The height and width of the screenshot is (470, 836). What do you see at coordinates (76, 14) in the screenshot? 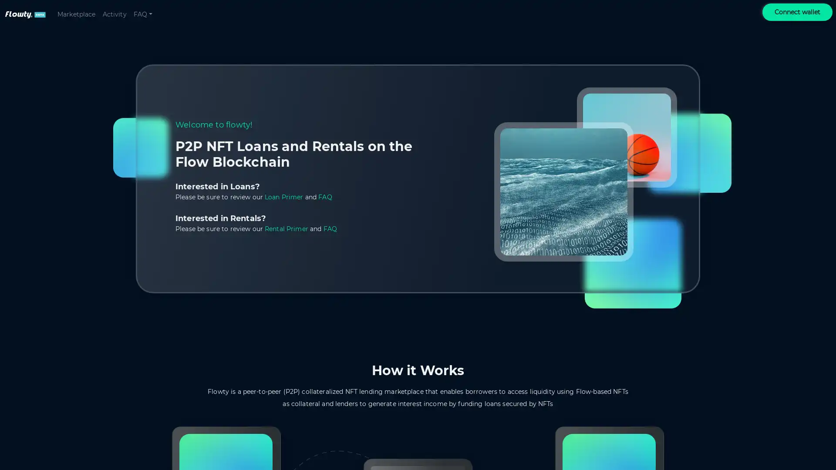
I see `Marketplace` at bounding box center [76, 14].